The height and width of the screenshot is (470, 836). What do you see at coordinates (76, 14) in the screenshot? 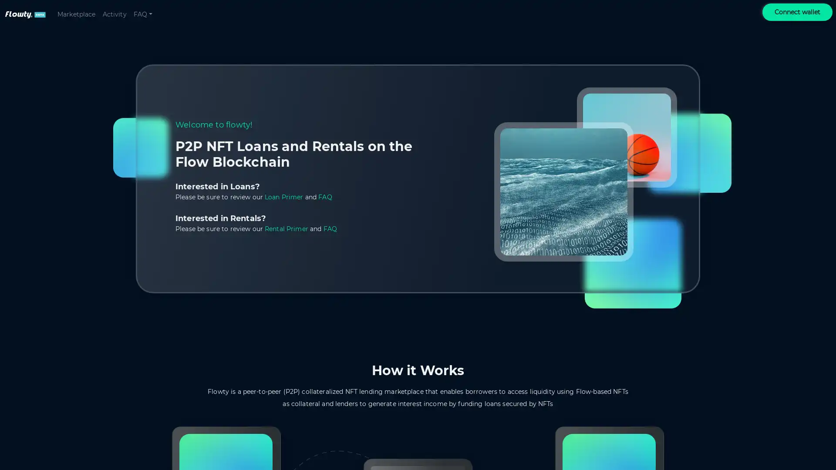
I see `Marketplace` at bounding box center [76, 14].